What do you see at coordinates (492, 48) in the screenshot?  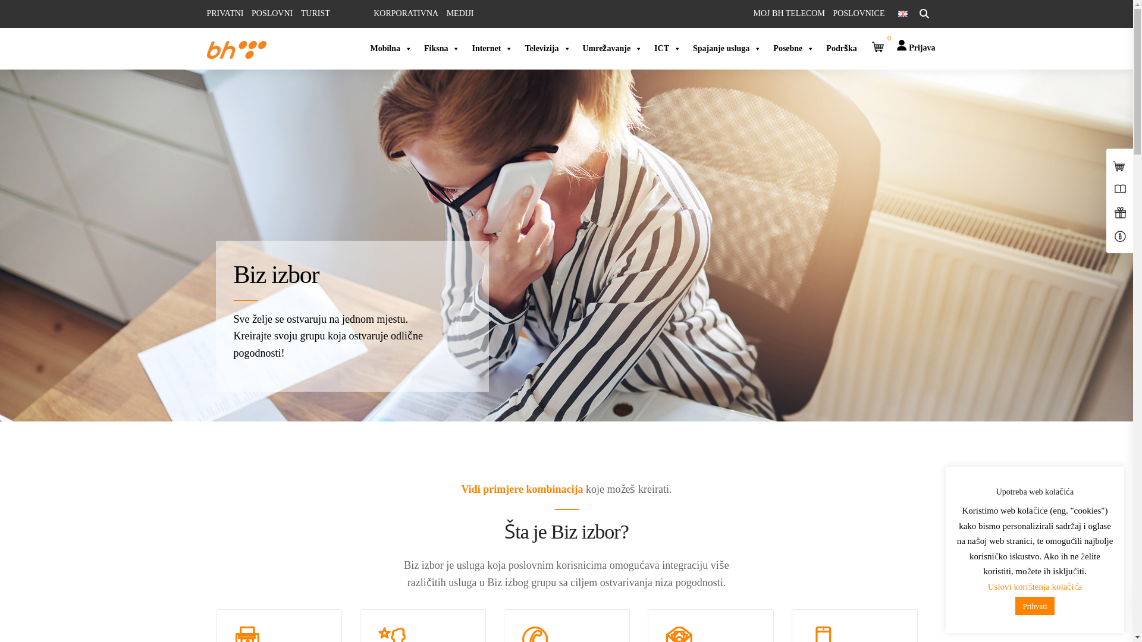 I see `'Internet'` at bounding box center [492, 48].